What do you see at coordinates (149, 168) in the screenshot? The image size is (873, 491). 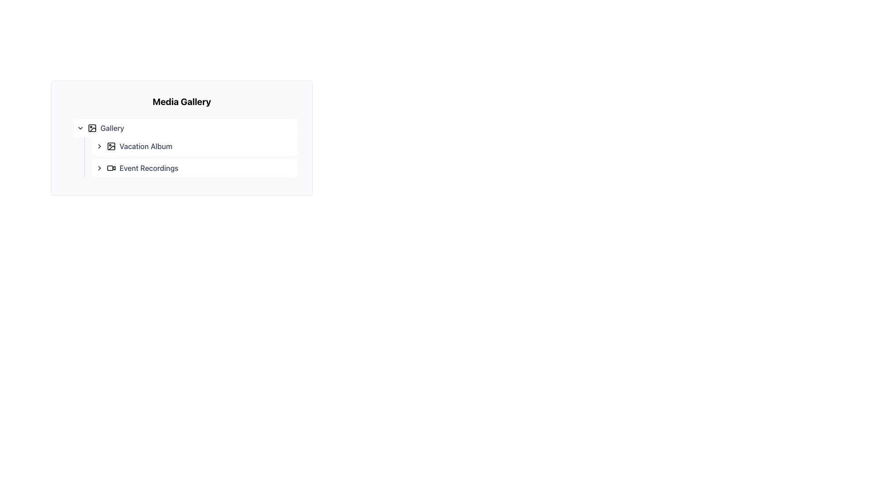 I see `the 'Event Recordings' text label, which is located to the right of a video icon and below the 'Vacation Album' entry in the Media Gallery panel` at bounding box center [149, 168].